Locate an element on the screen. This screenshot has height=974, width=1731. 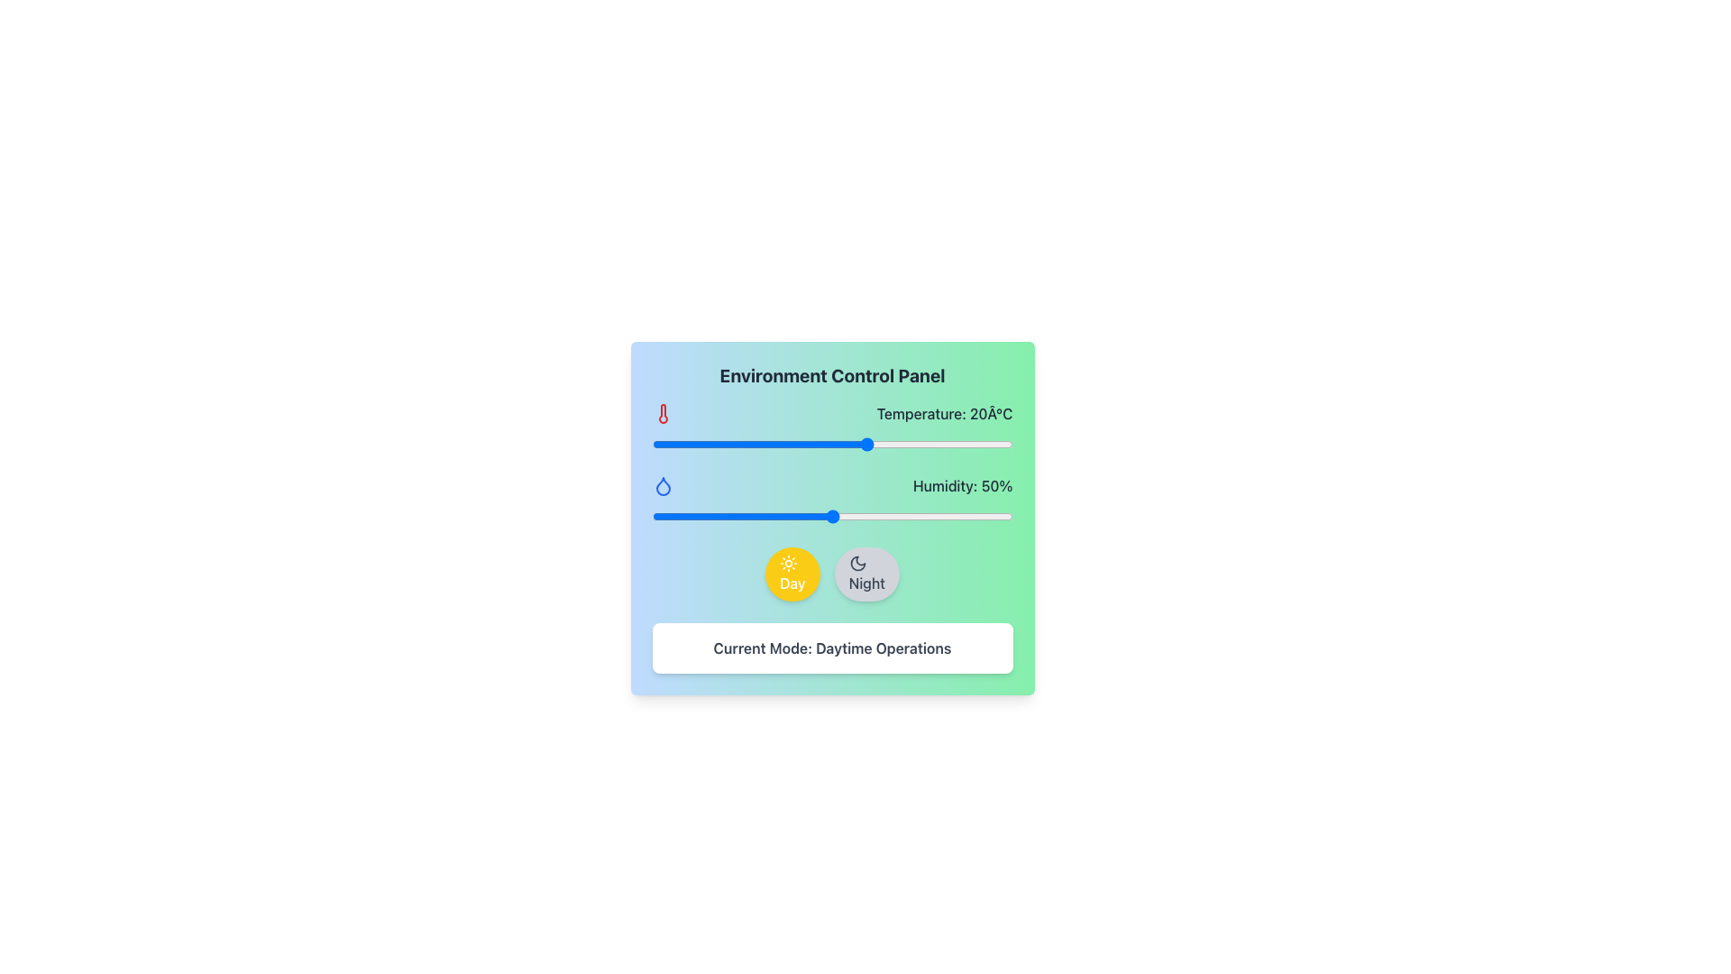
the humidity is located at coordinates (771, 517).